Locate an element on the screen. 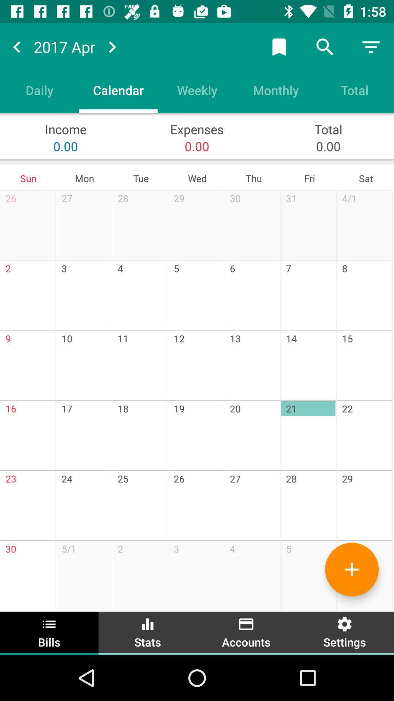 The image size is (394, 701). item next to the weekly is located at coordinates (118, 89).